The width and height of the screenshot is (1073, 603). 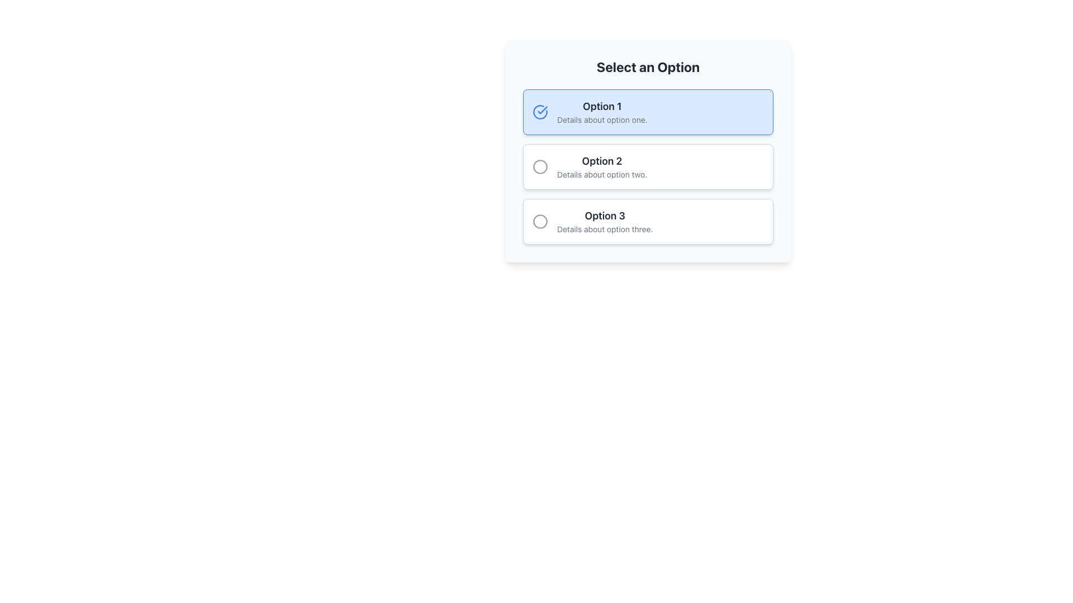 What do you see at coordinates (540, 112) in the screenshot?
I see `the circular blue check symbol icon positioned to the left of the text label 'Option 1'` at bounding box center [540, 112].